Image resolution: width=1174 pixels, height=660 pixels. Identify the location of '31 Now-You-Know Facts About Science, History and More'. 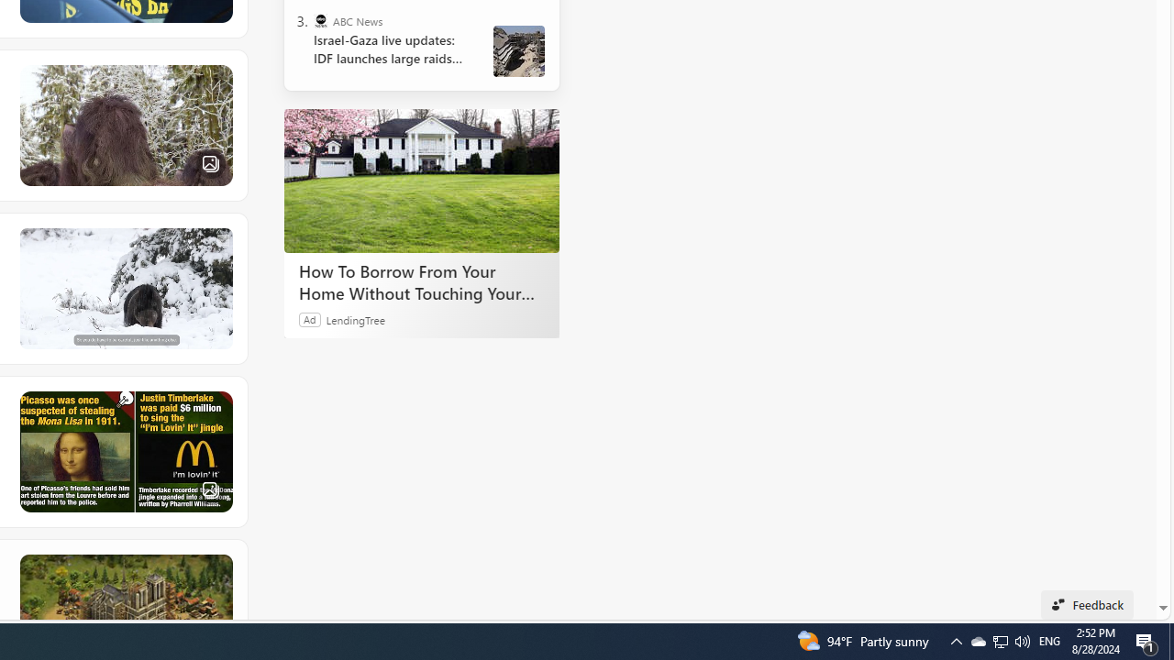
(124, 451).